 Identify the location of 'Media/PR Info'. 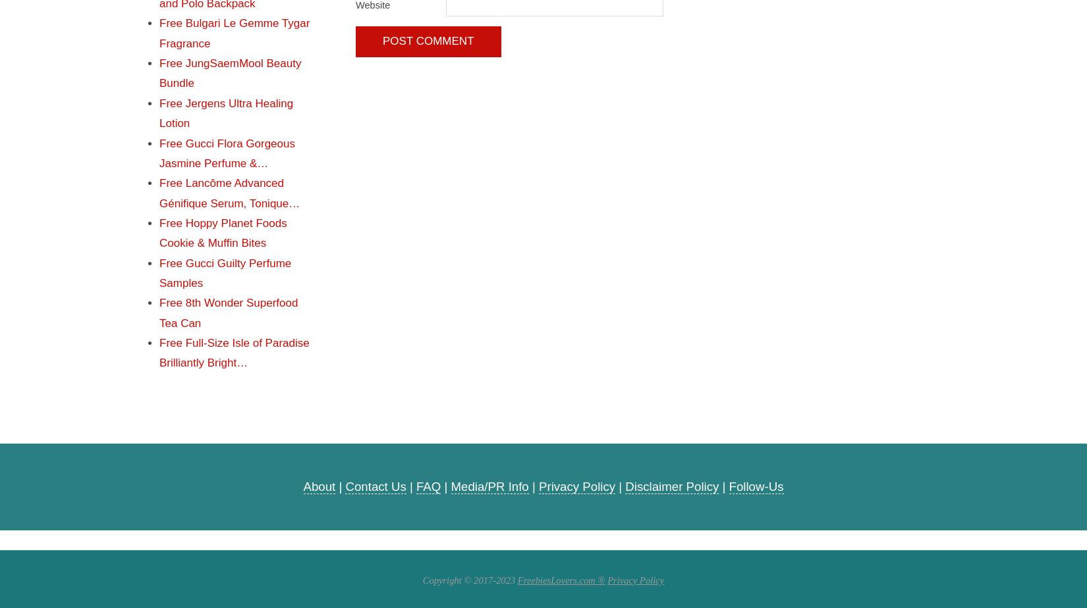
(488, 486).